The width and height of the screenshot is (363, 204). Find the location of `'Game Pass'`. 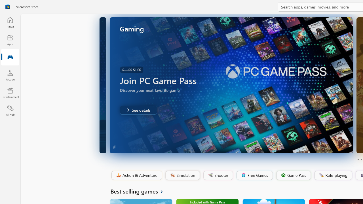

'Game Pass' is located at coordinates (293, 175).